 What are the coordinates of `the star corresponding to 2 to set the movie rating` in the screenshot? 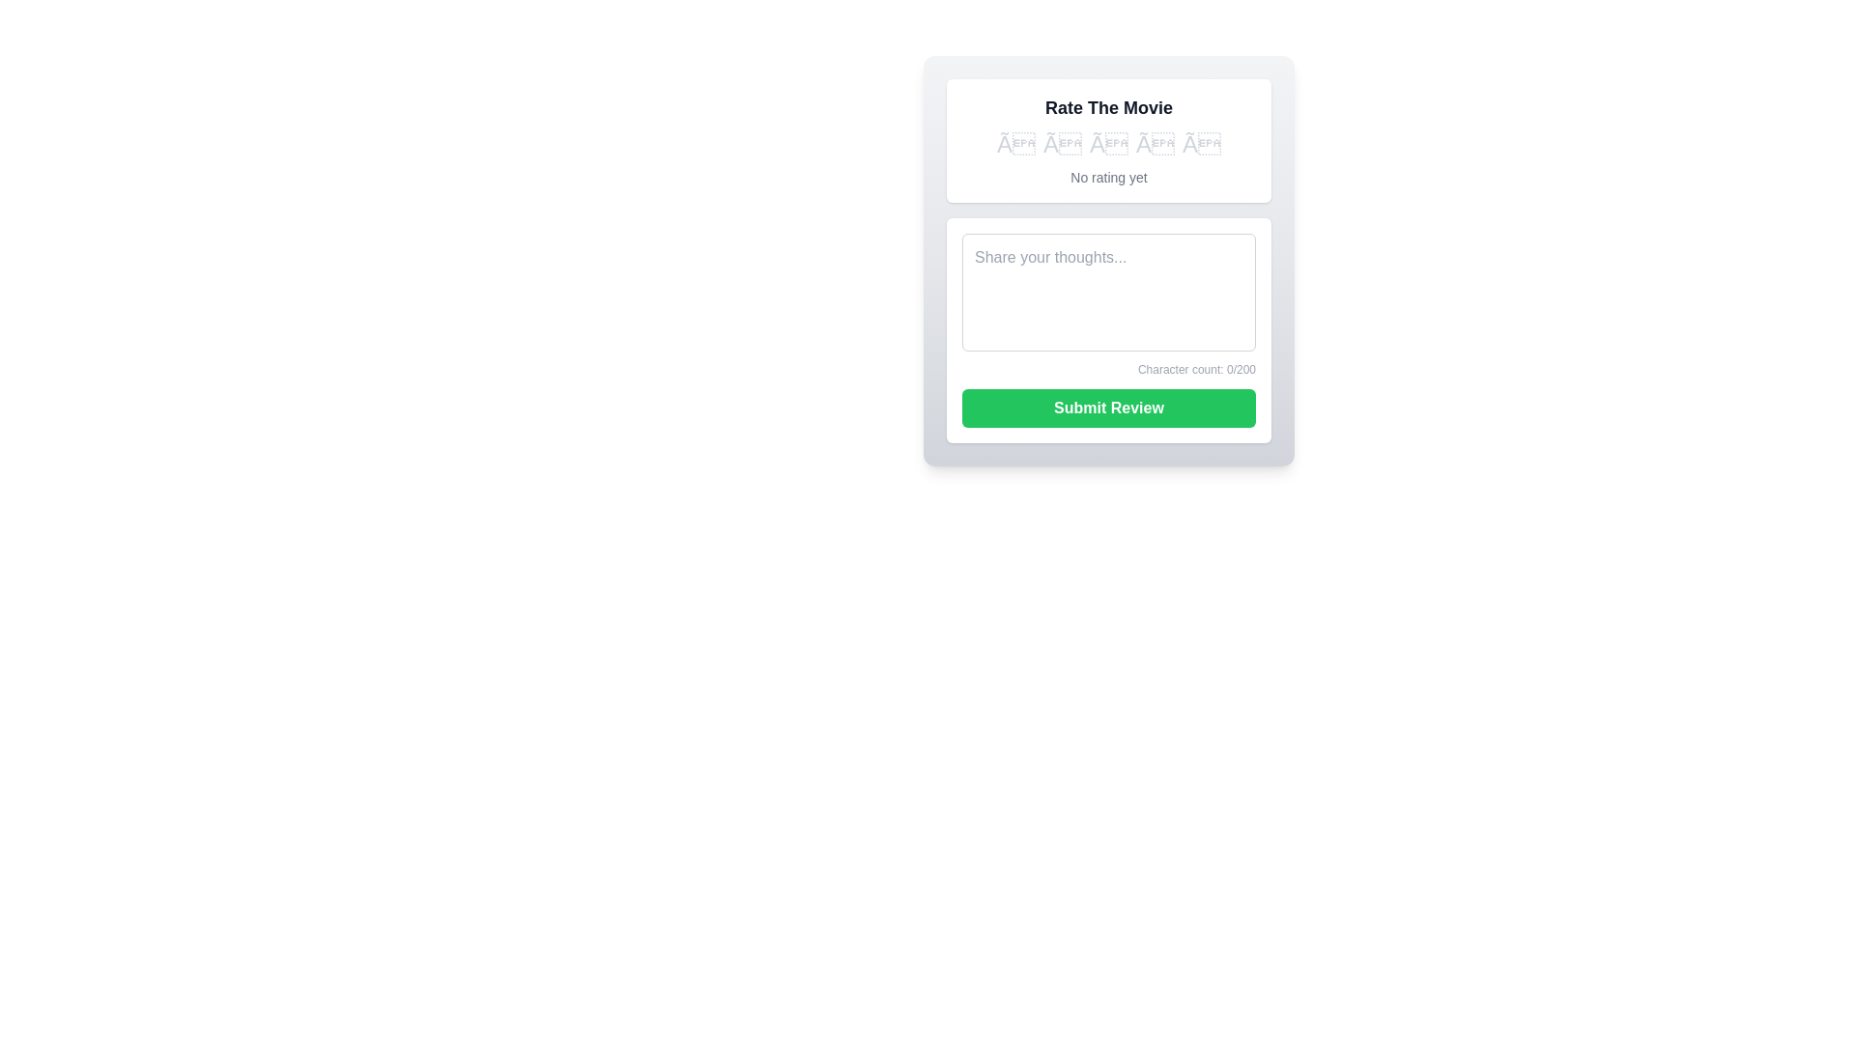 It's located at (1061, 144).